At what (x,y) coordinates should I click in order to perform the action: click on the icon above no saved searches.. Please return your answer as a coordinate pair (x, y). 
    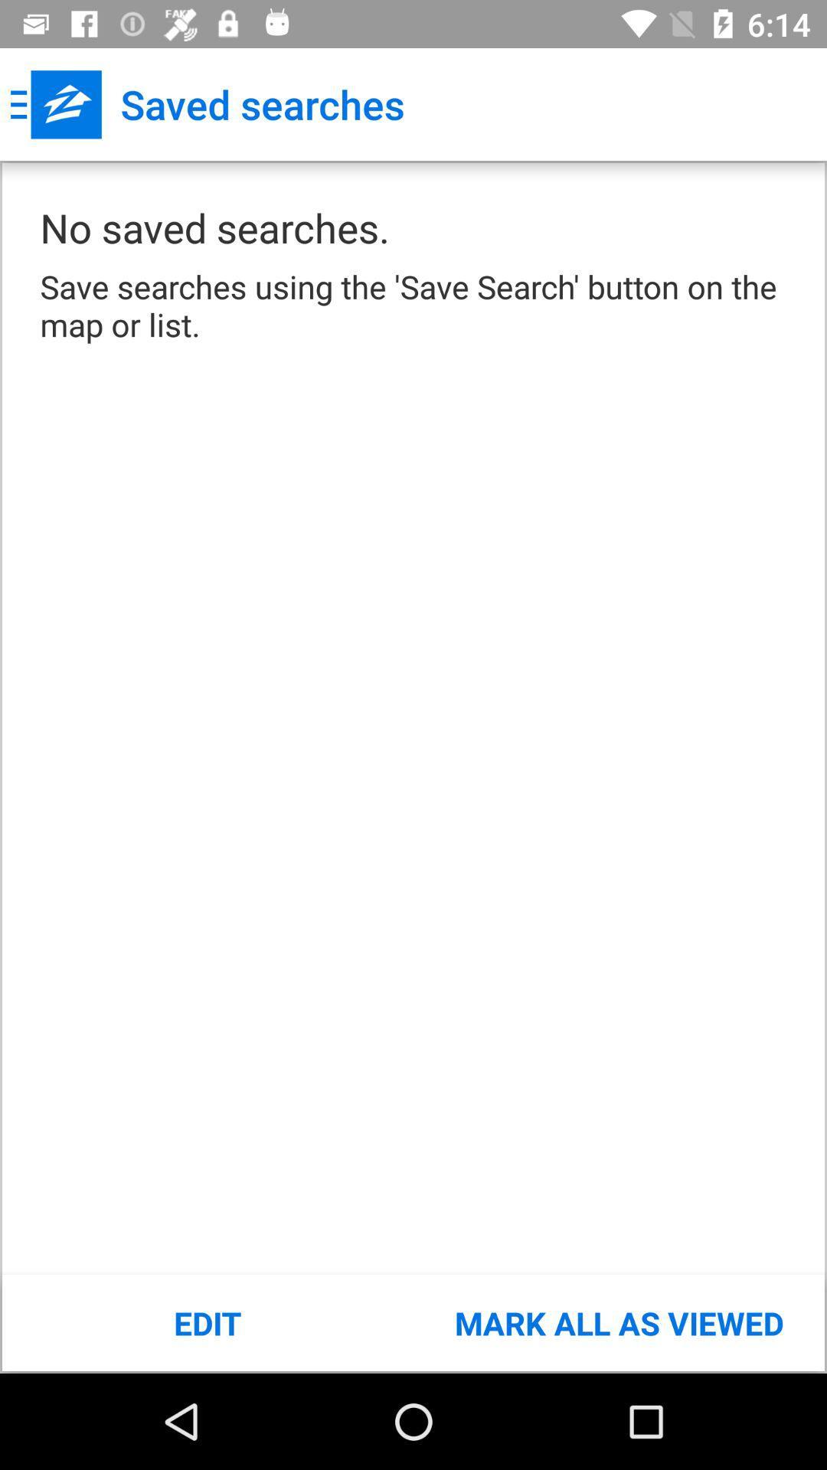
    Looking at the image, I should click on (55, 103).